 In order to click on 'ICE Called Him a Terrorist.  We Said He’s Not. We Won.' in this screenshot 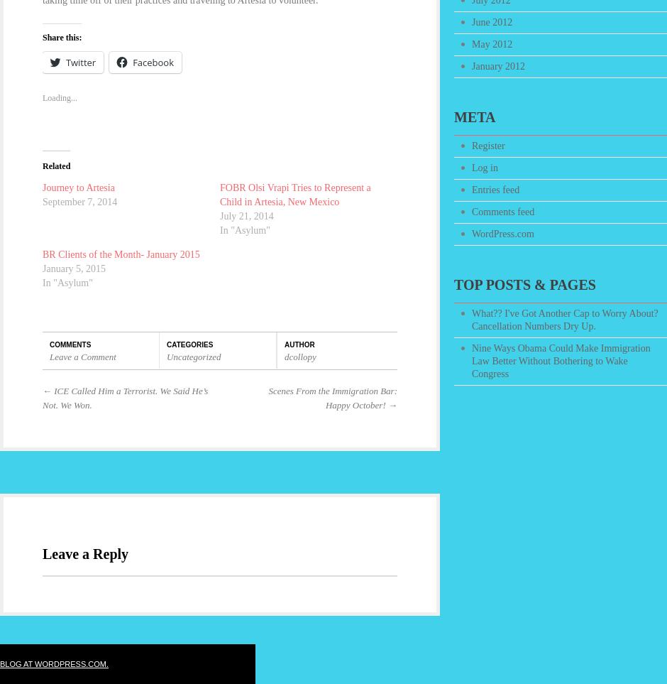, I will do `click(125, 396)`.